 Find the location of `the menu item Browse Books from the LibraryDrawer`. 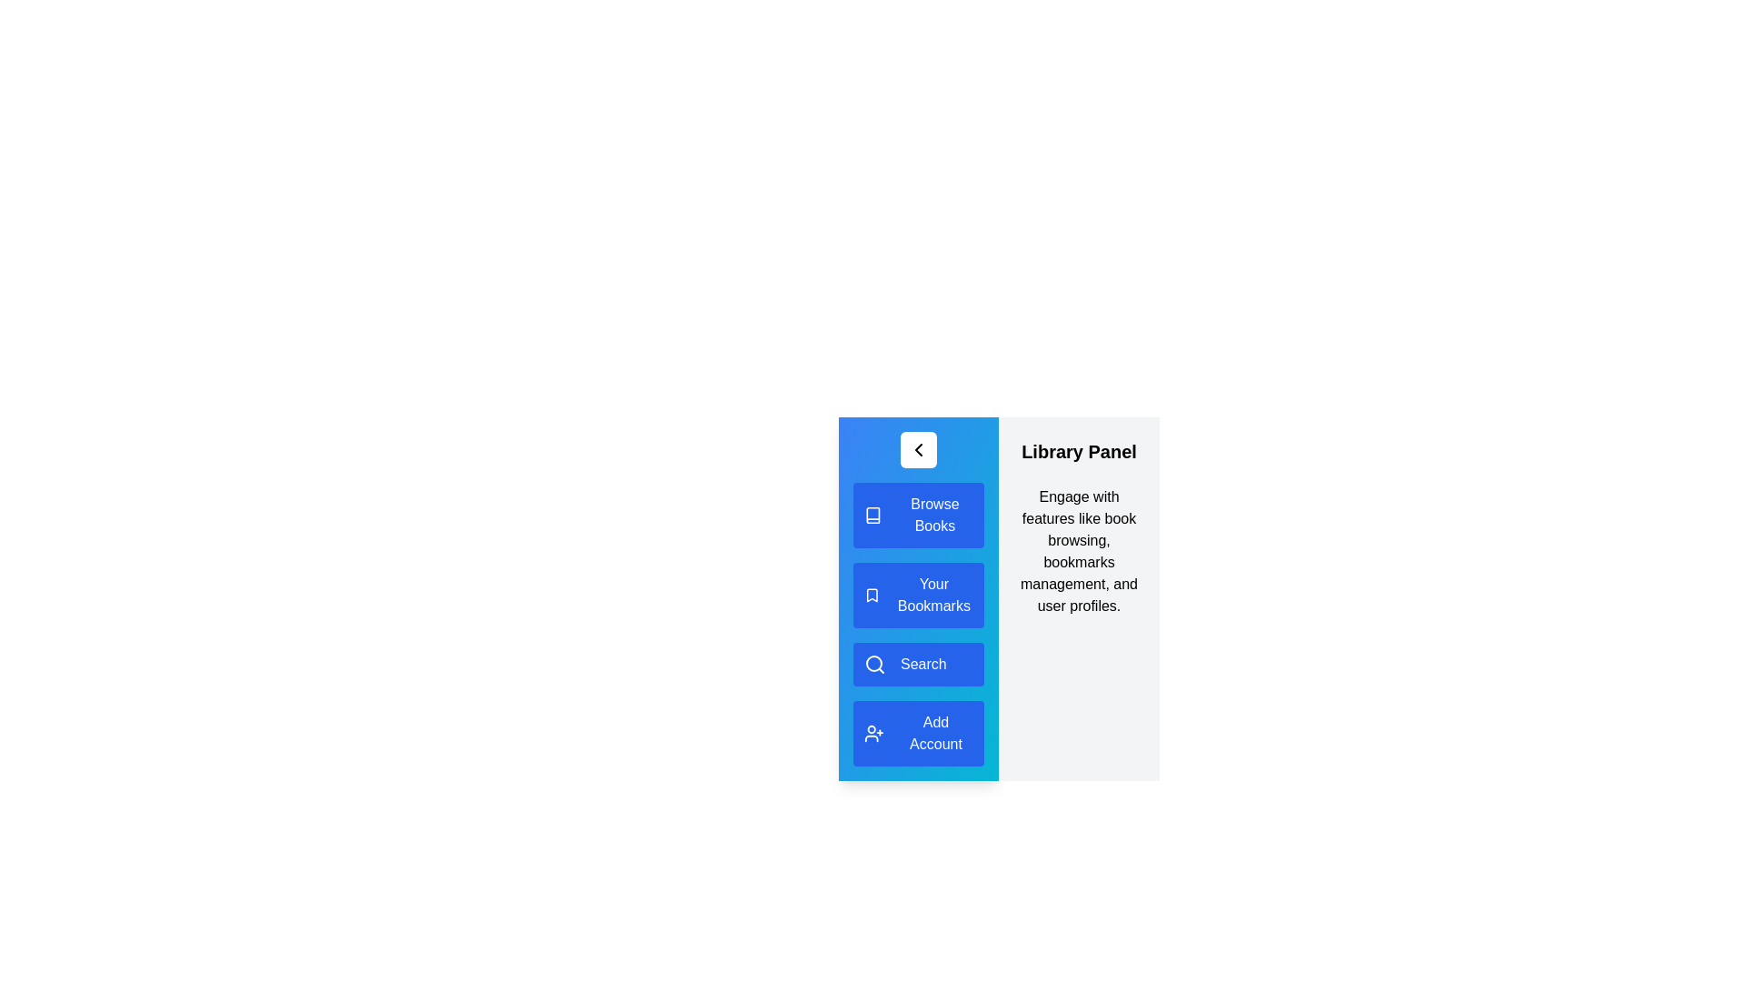

the menu item Browse Books from the LibraryDrawer is located at coordinates (919, 516).